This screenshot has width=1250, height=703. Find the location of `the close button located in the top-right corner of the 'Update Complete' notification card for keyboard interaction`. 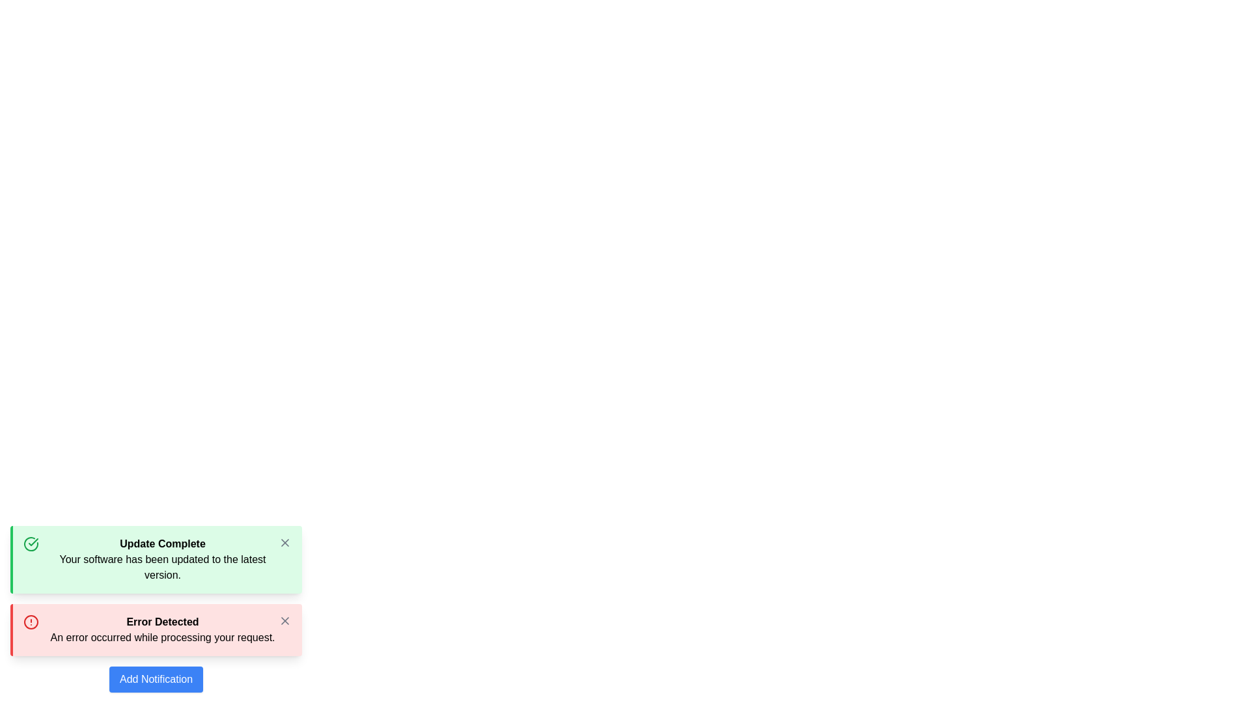

the close button located in the top-right corner of the 'Update Complete' notification card for keyboard interaction is located at coordinates (284, 542).